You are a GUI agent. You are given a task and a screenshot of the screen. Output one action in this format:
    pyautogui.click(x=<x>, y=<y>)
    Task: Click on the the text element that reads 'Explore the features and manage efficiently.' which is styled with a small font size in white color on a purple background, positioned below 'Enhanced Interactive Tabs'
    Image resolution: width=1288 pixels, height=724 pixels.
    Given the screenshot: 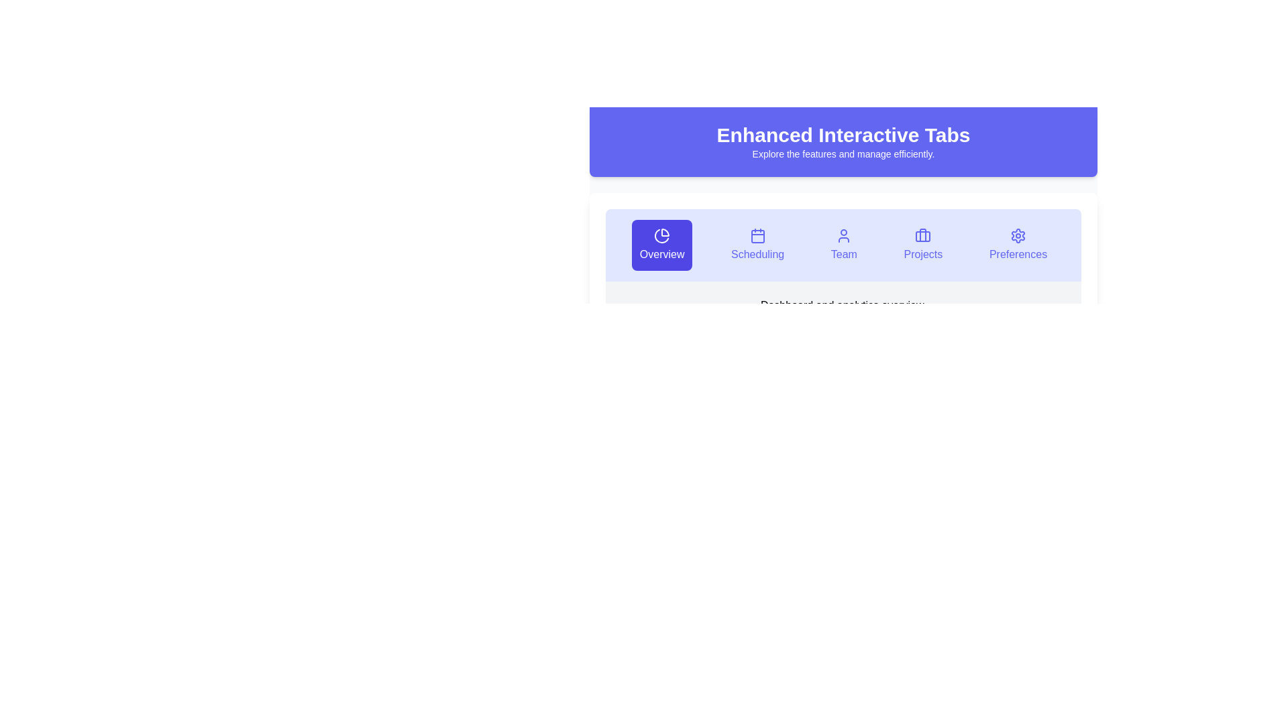 What is the action you would take?
    pyautogui.click(x=843, y=154)
    